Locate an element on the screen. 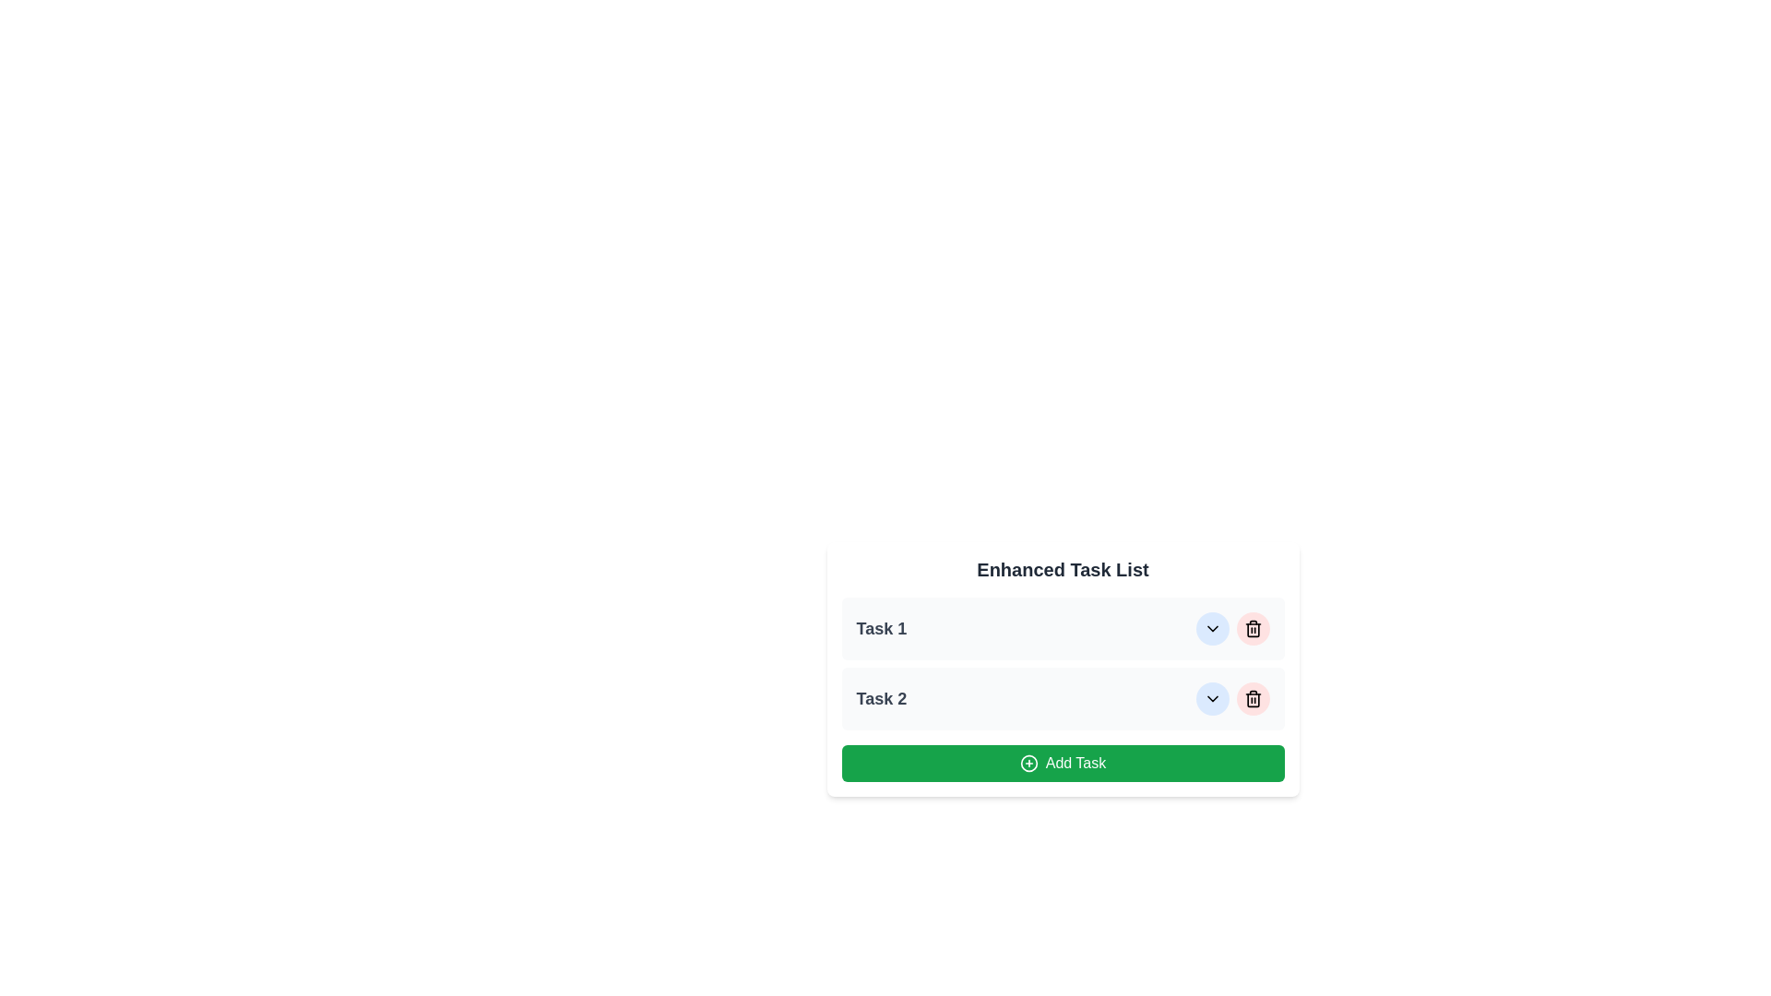 The height and width of the screenshot is (996, 1771). the toggle button located to the right of 'Task 2' and to the left of the 'Remove Item' button is located at coordinates (1212, 628).